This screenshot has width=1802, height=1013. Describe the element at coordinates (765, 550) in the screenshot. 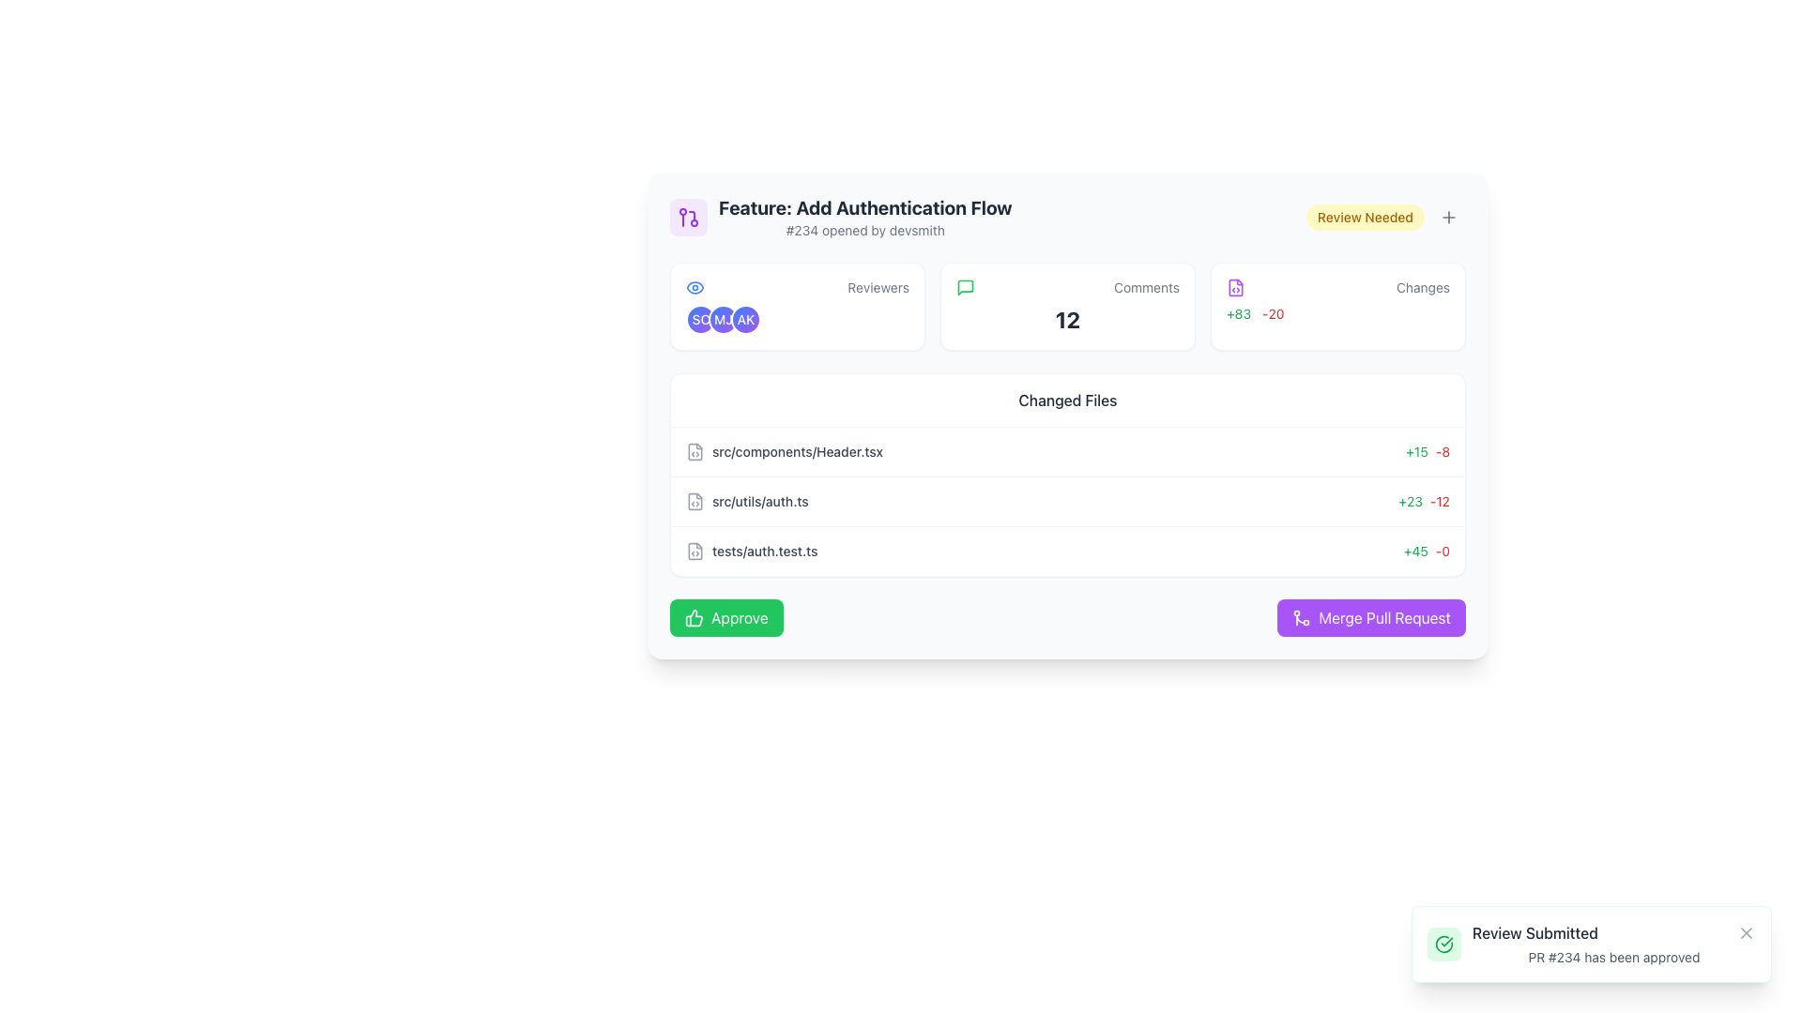

I see `the text label 'tests/auth.test.ts', which is styled with a small font and medium weight, located in the bottom section of the visible list of changed files` at that location.